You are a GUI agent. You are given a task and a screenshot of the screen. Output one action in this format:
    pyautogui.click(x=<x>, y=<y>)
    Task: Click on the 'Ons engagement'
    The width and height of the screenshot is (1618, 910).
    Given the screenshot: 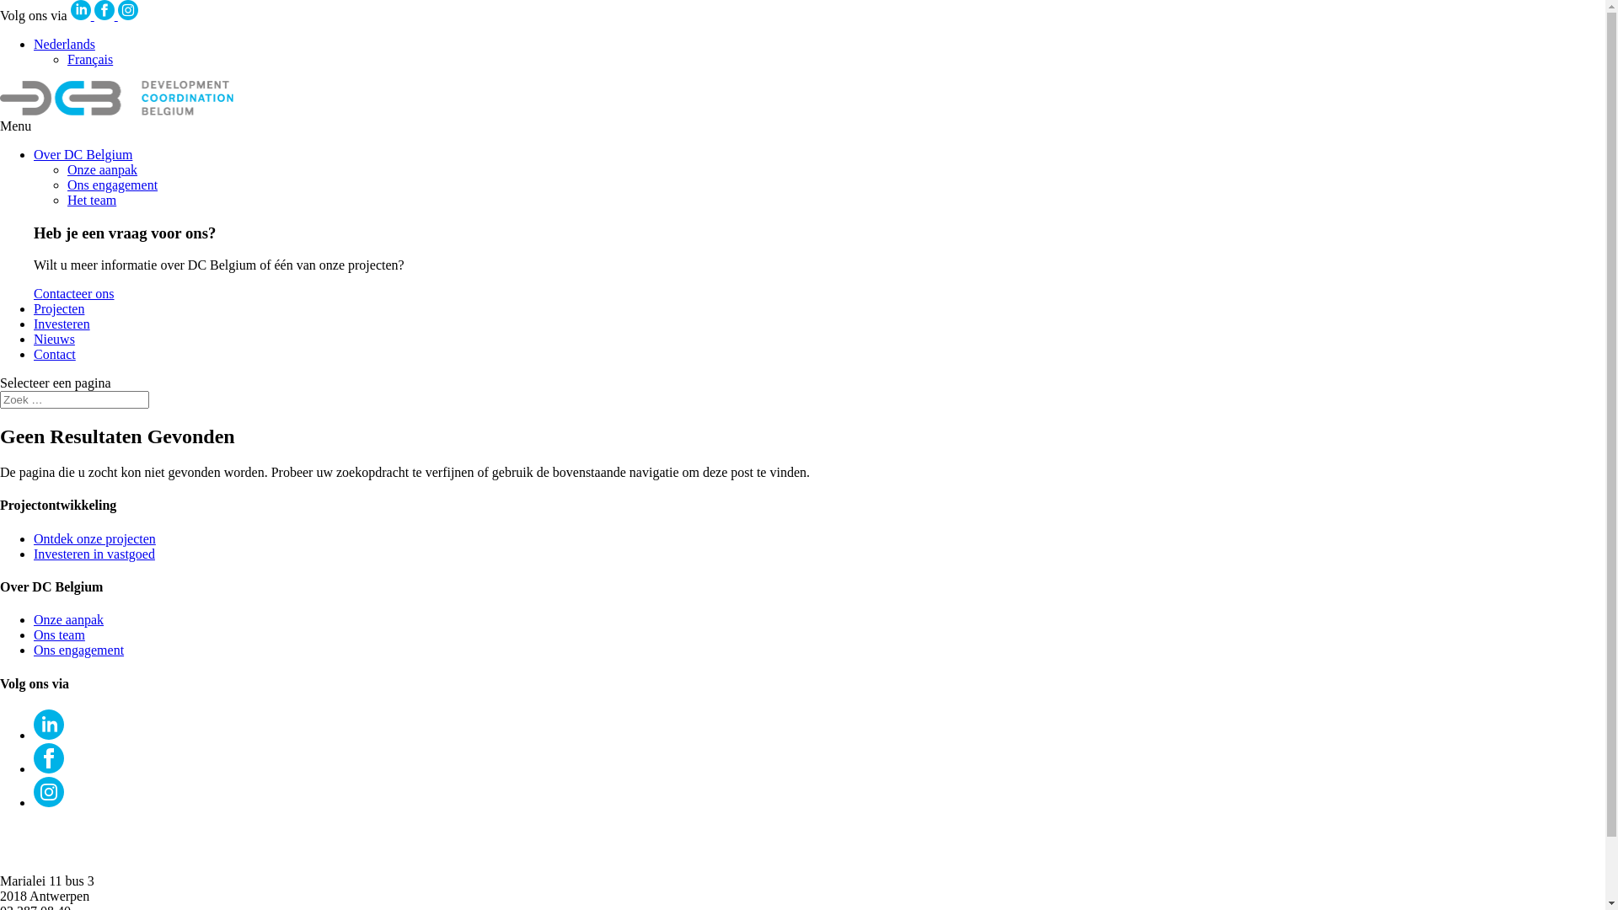 What is the action you would take?
    pyautogui.click(x=111, y=185)
    